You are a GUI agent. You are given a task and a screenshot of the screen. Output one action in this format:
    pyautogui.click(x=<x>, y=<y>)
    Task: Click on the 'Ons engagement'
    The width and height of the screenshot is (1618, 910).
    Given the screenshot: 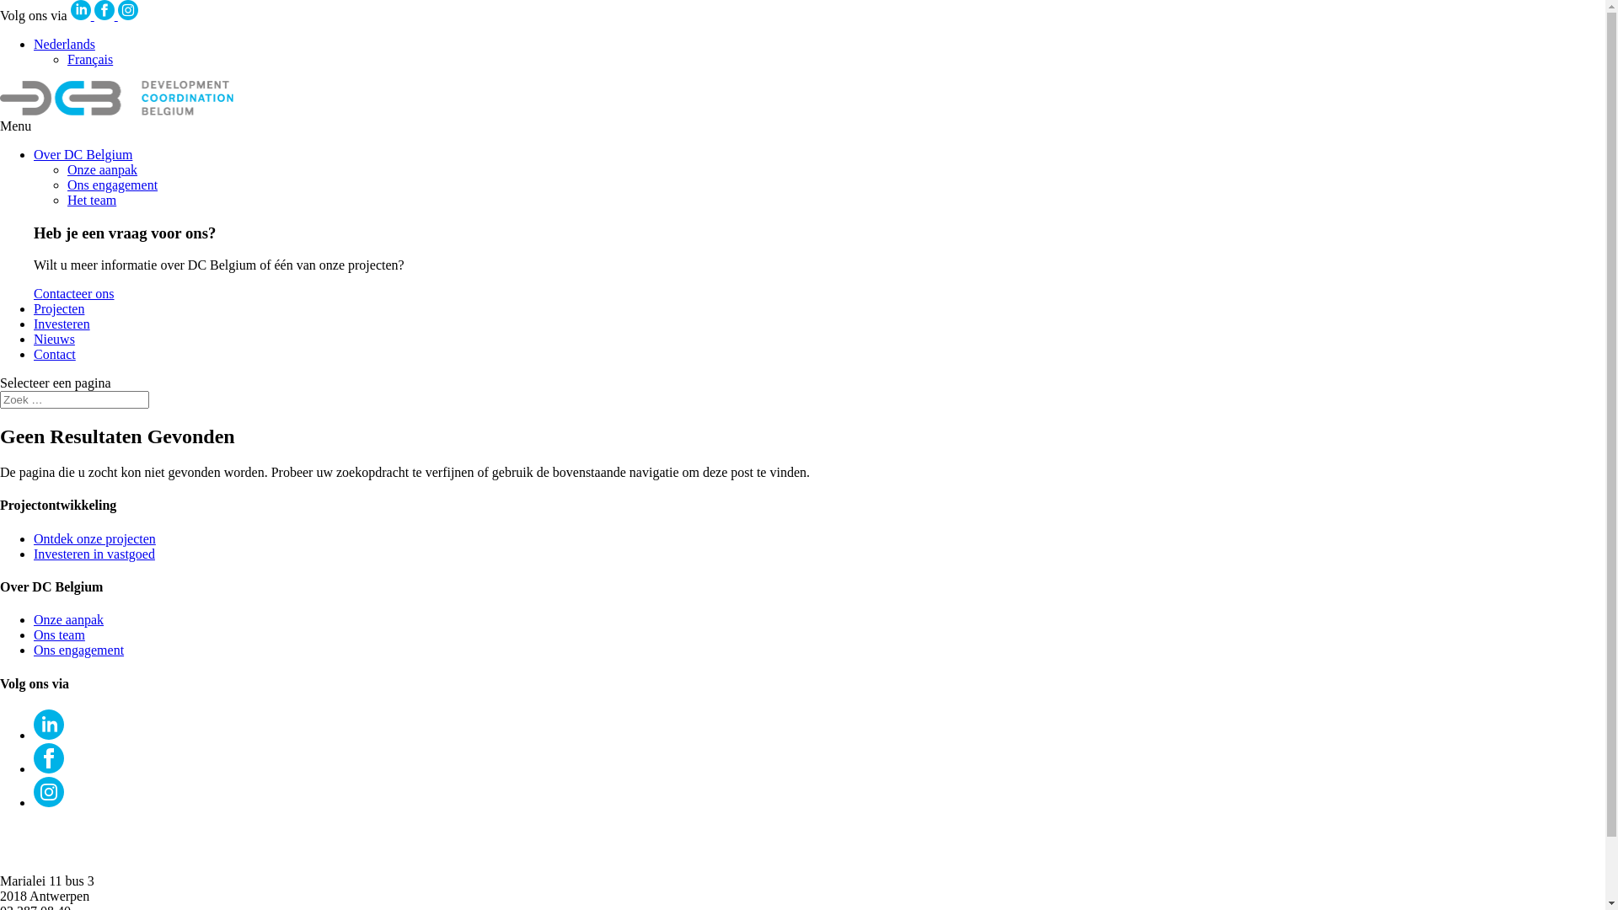 What is the action you would take?
    pyautogui.click(x=111, y=185)
    